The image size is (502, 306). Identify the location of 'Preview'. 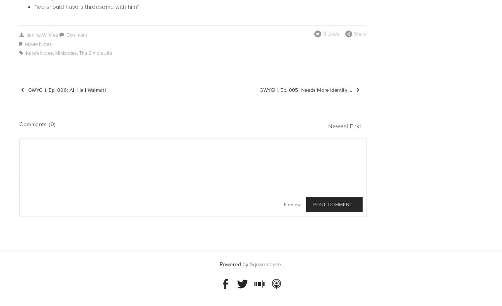
(292, 204).